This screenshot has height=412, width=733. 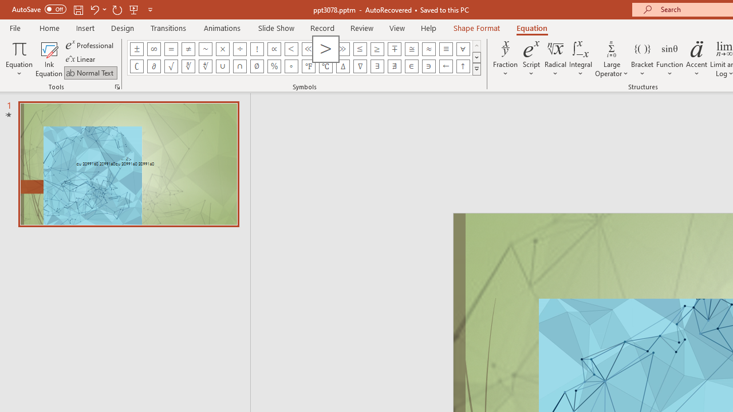 What do you see at coordinates (305, 57) in the screenshot?
I see `'AutomationID: EquationSymbolsInsertGallery'` at bounding box center [305, 57].